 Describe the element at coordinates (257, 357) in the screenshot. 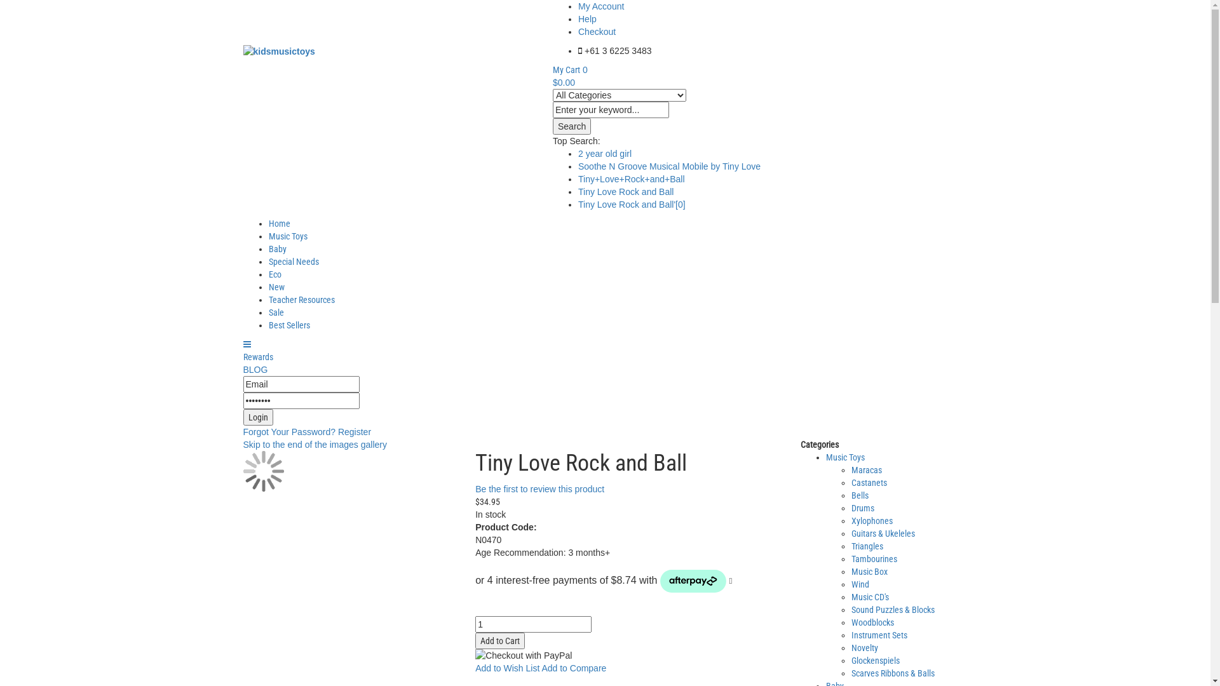

I see `'Rewards'` at that location.